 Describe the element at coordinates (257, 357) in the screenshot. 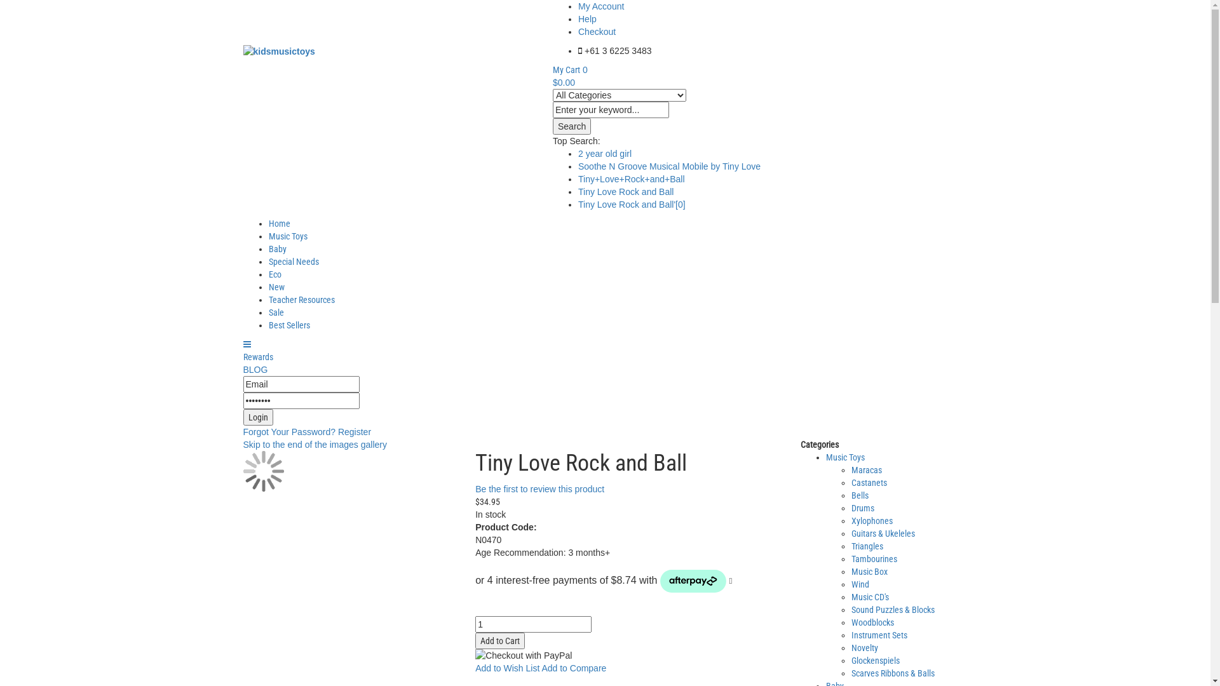

I see `'Rewards'` at that location.